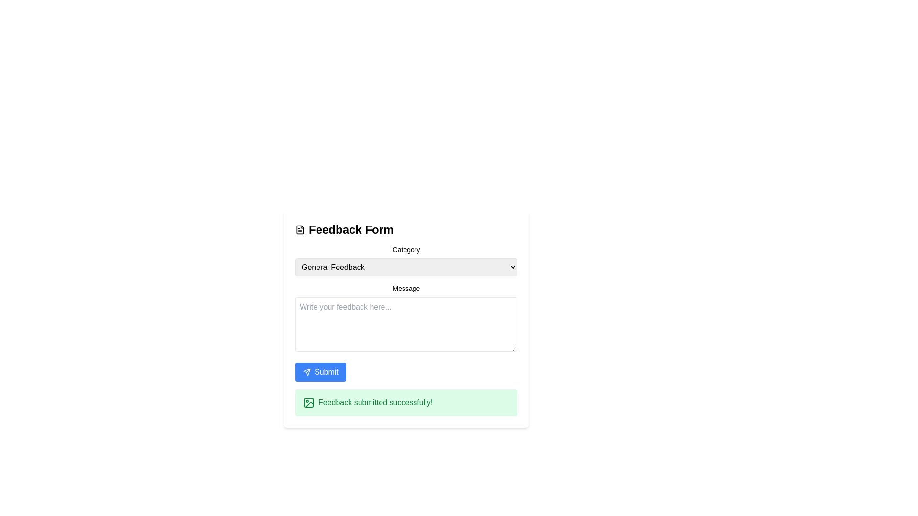  What do you see at coordinates (307, 372) in the screenshot?
I see `the icon inside the blue 'Submit' button located at the bottom-left of the 'Feedback Form' interface` at bounding box center [307, 372].